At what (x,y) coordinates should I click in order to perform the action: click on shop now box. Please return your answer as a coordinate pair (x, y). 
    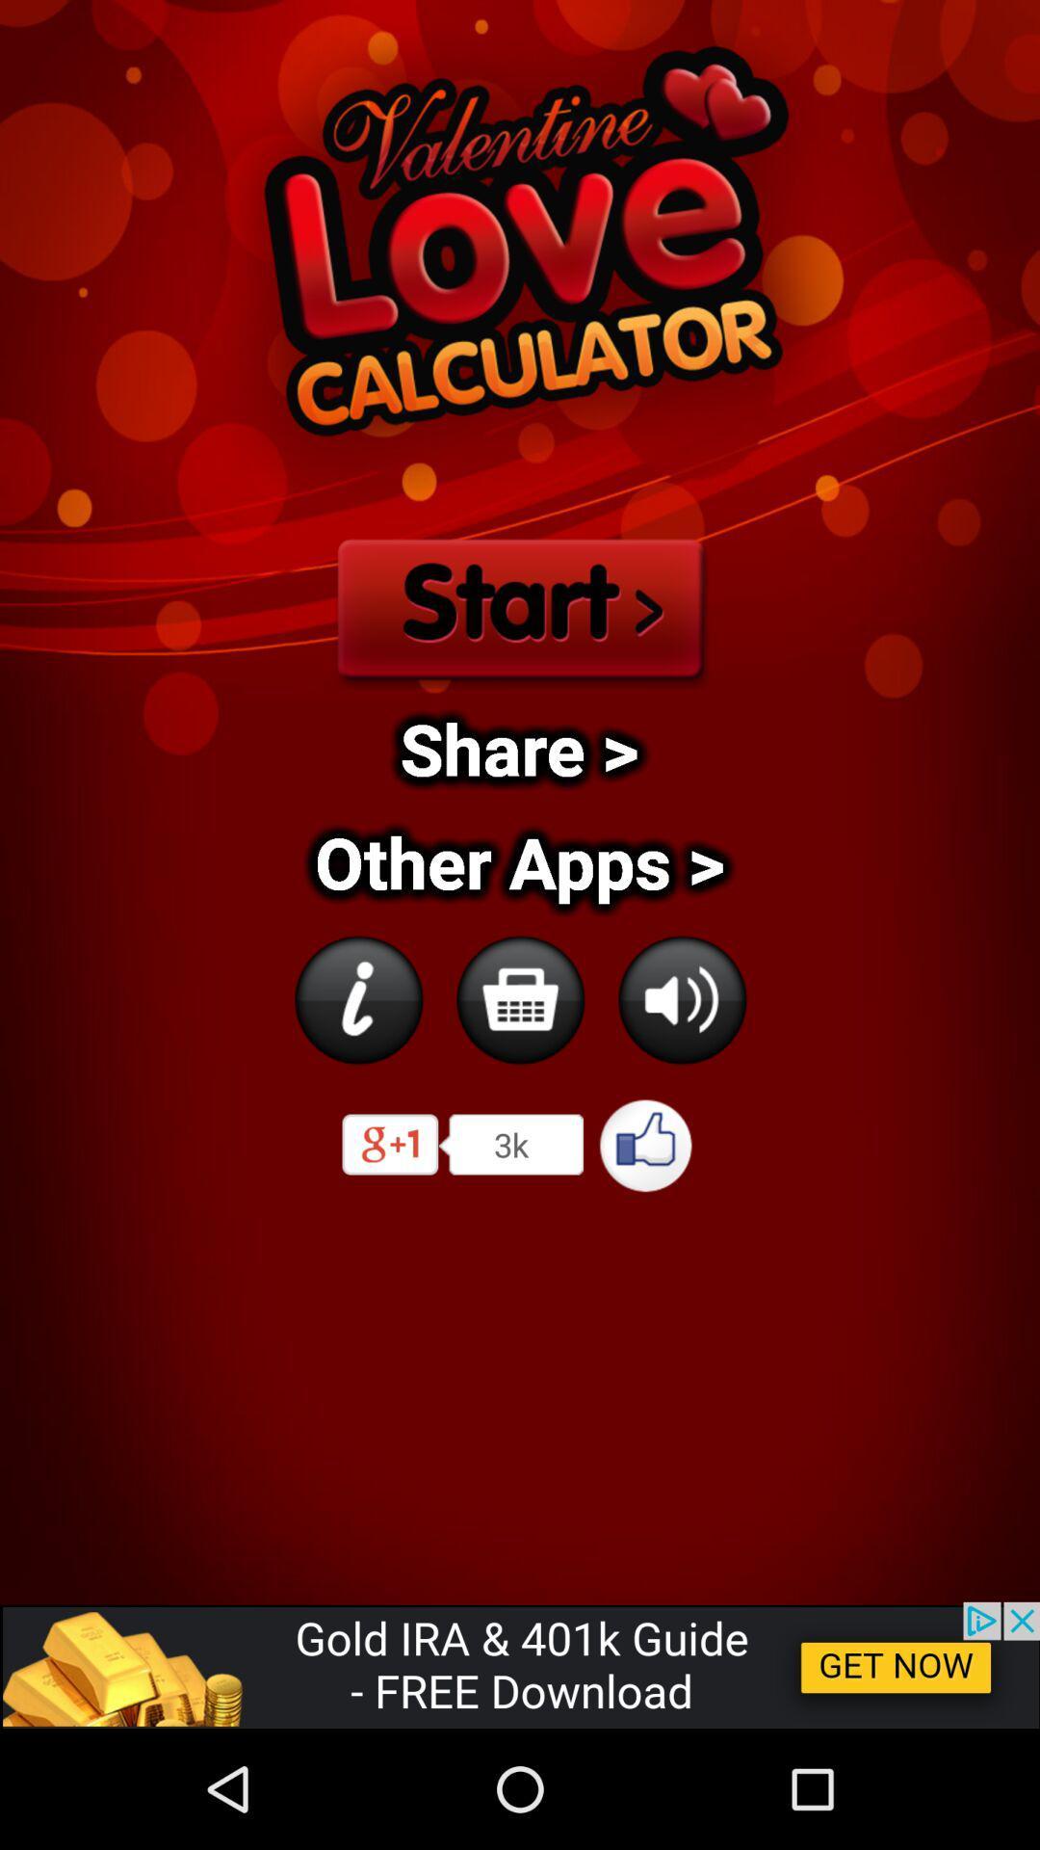
    Looking at the image, I should click on (520, 999).